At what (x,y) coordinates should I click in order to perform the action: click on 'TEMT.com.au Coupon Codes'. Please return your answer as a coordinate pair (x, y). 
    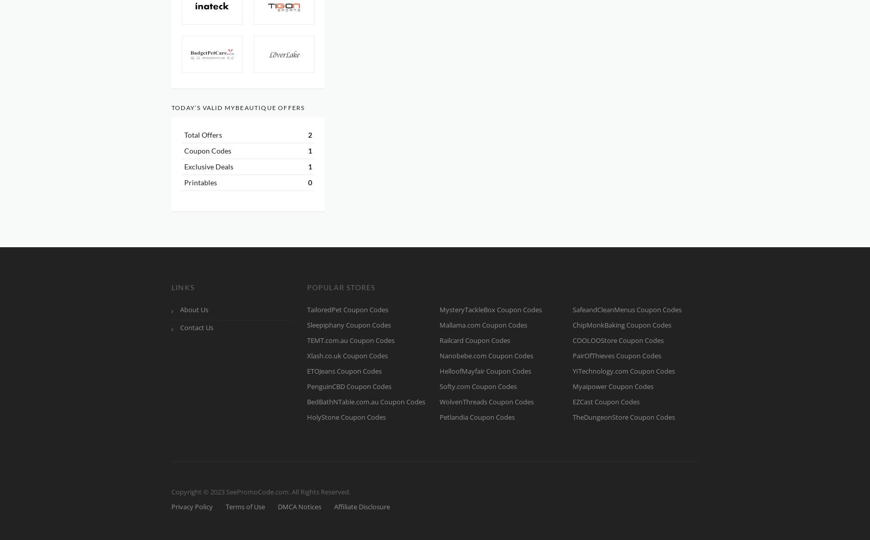
    Looking at the image, I should click on (306, 339).